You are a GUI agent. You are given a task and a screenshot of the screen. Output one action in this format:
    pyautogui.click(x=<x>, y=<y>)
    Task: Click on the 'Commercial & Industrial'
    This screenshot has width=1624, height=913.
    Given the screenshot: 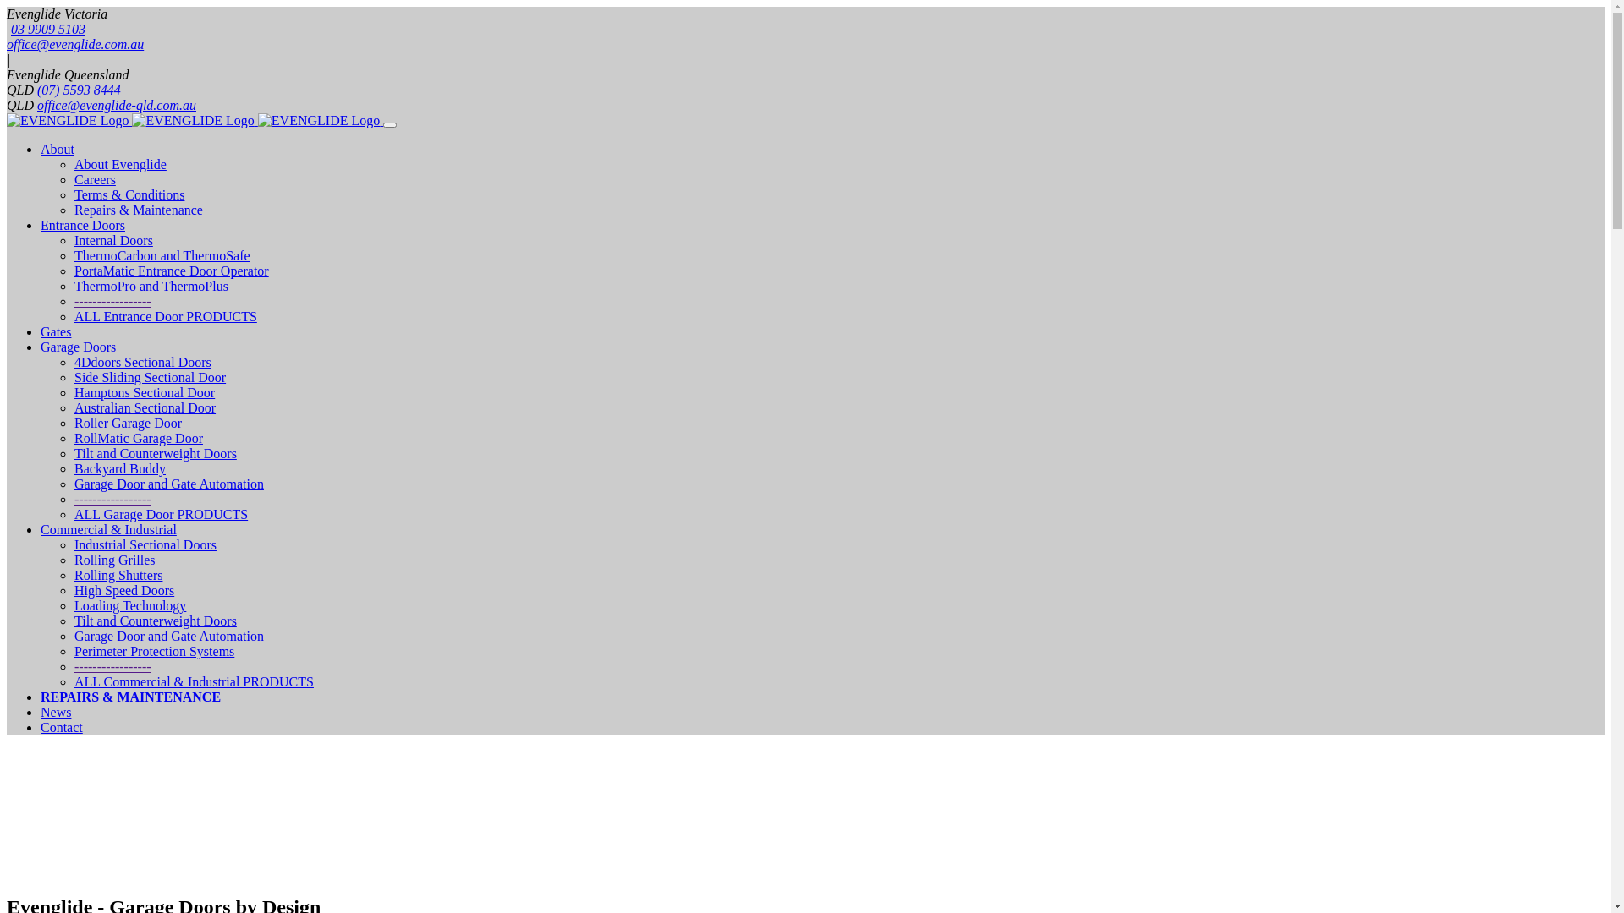 What is the action you would take?
    pyautogui.click(x=107, y=528)
    